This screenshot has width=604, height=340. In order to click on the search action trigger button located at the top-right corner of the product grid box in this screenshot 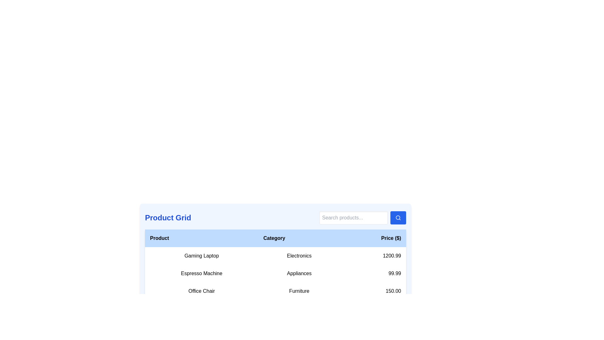, I will do `click(398, 217)`.